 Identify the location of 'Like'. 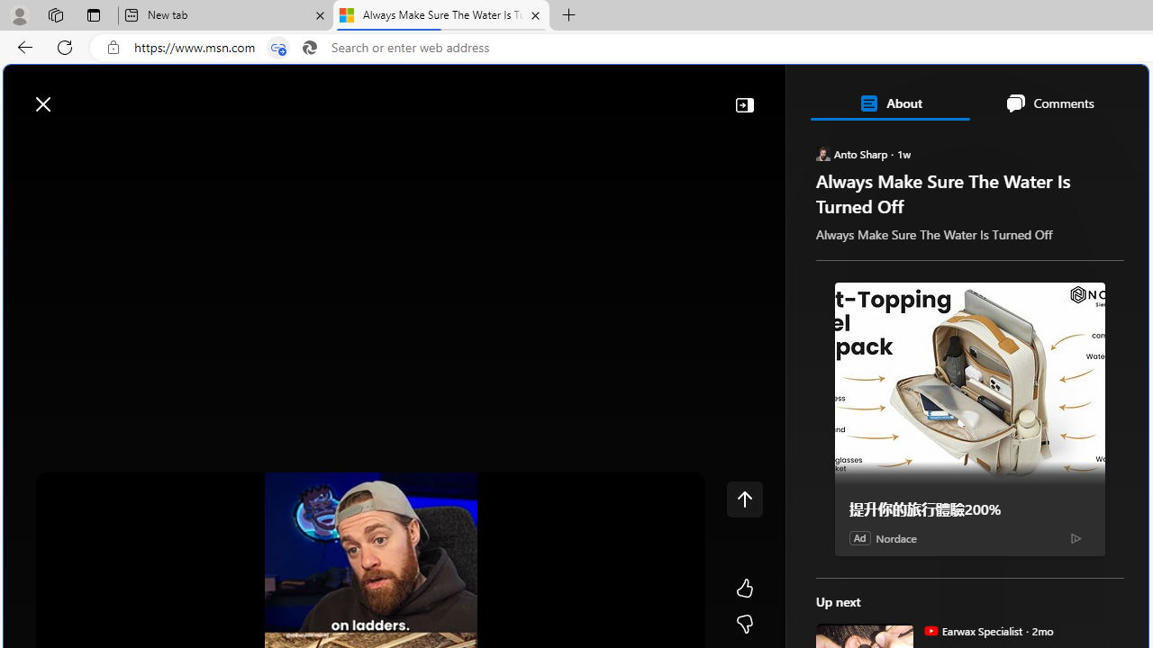
(744, 589).